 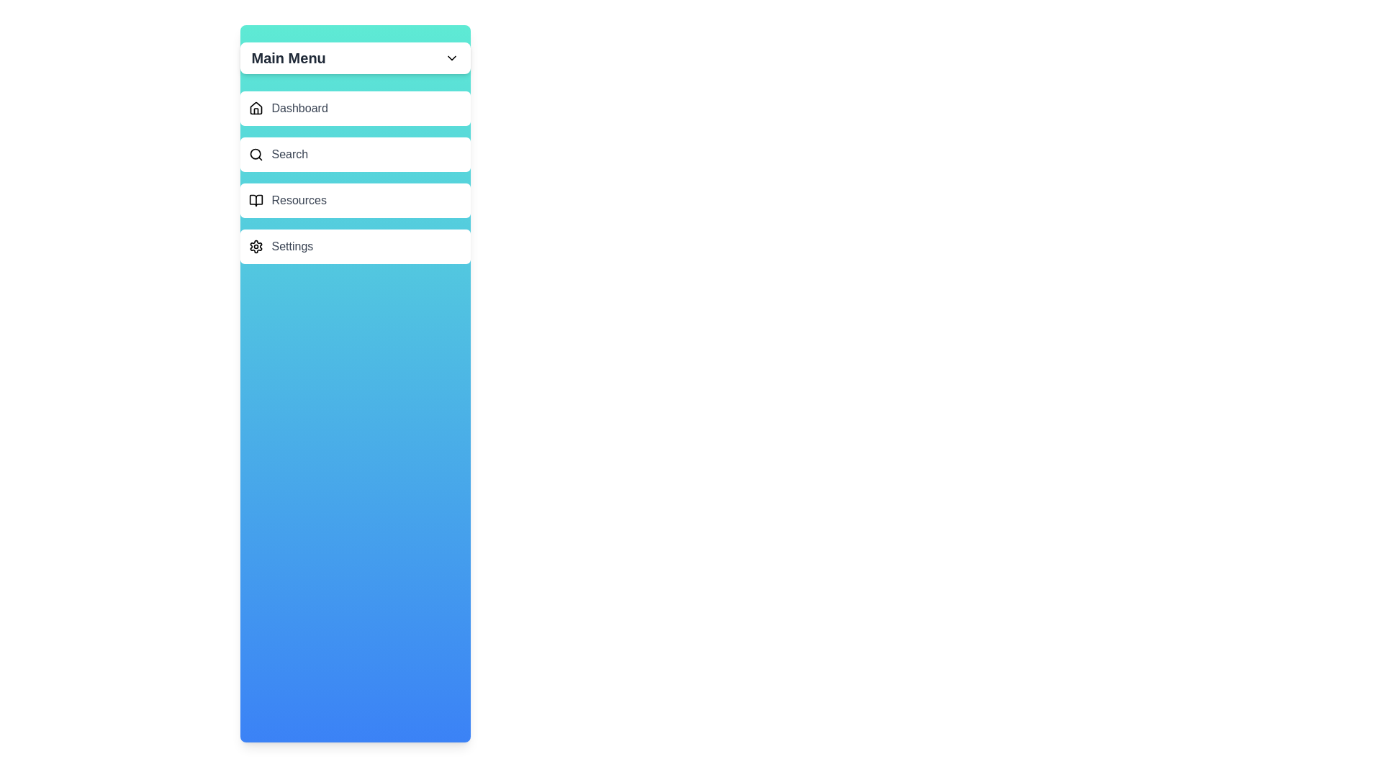 I want to click on the text 'Main Menu' for copying, so click(x=288, y=58).